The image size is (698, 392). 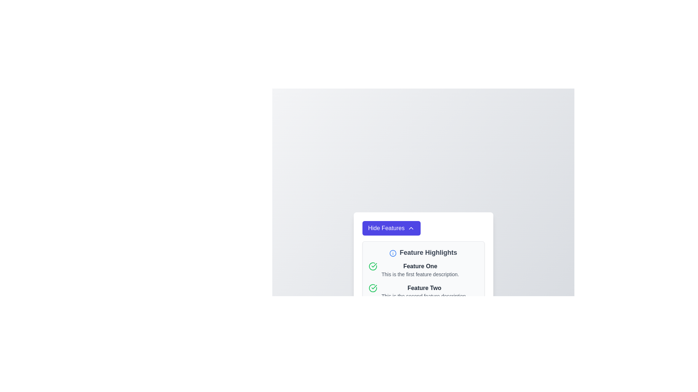 I want to click on the static text reading 'This is the first feature description.' which is positioned below the title 'Feature One' and is part of a vertical stack of feature descriptions, so click(x=420, y=274).